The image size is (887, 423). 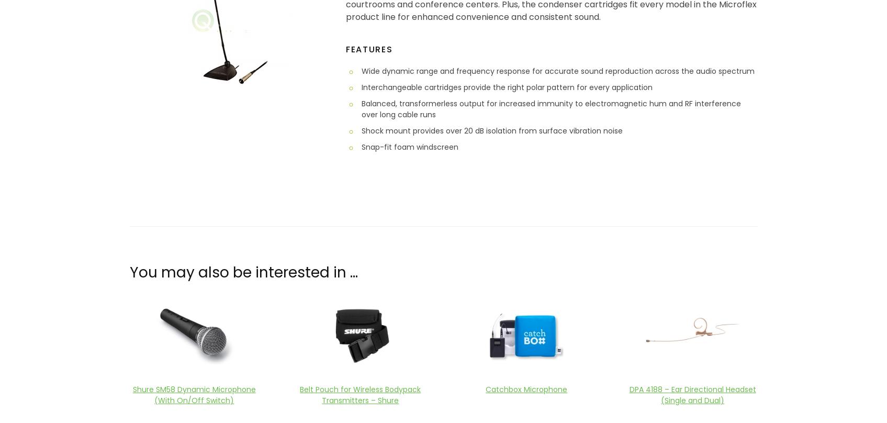 What do you see at coordinates (132, 394) in the screenshot?
I see `'Shure SM58 Dynamic Microphone (With On/Off Switch)'` at bounding box center [132, 394].